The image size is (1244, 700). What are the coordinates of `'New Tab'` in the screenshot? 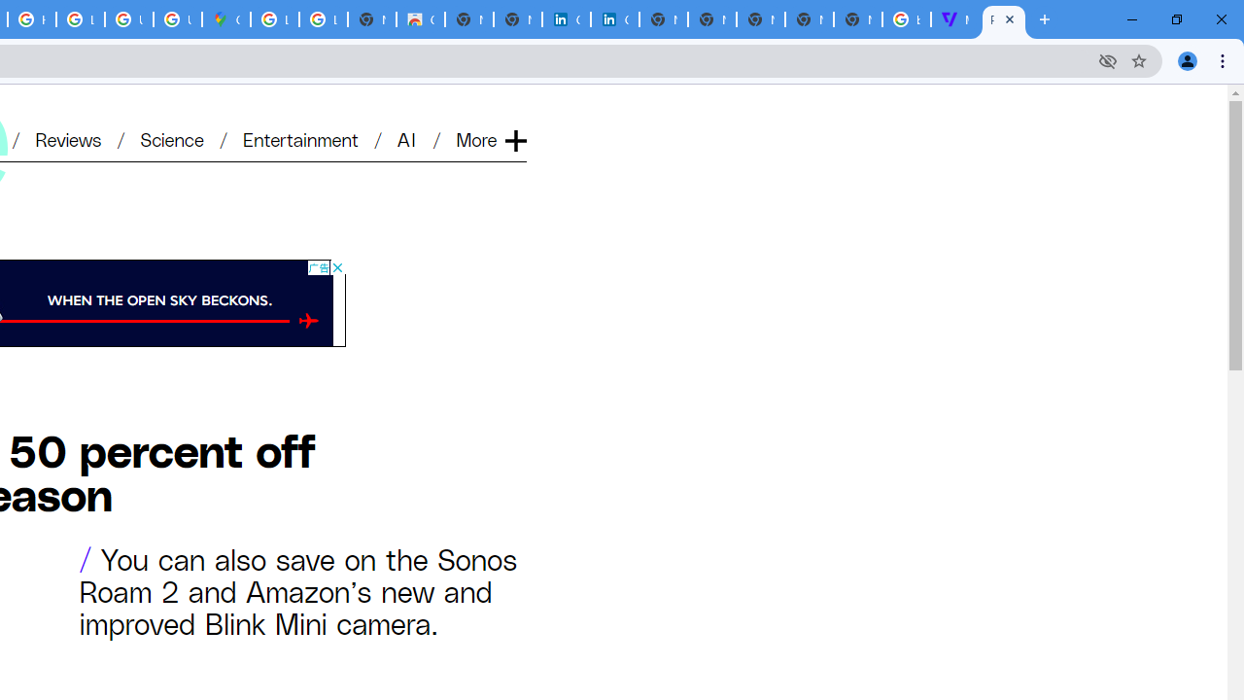 It's located at (856, 19).